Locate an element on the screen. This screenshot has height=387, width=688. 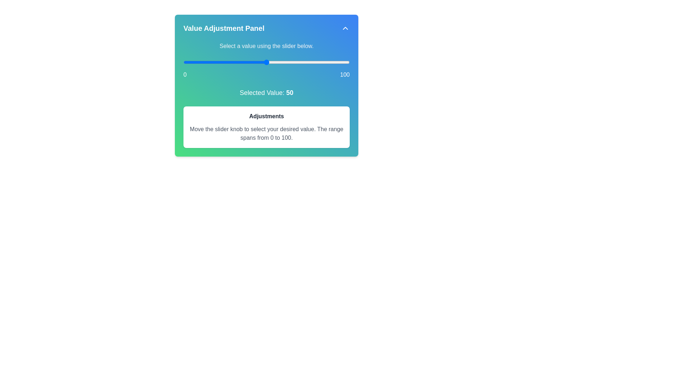
the Text display that shows the currently selected value from the slider control, specifically the text 'Selected Value: 50' is located at coordinates (290, 92).